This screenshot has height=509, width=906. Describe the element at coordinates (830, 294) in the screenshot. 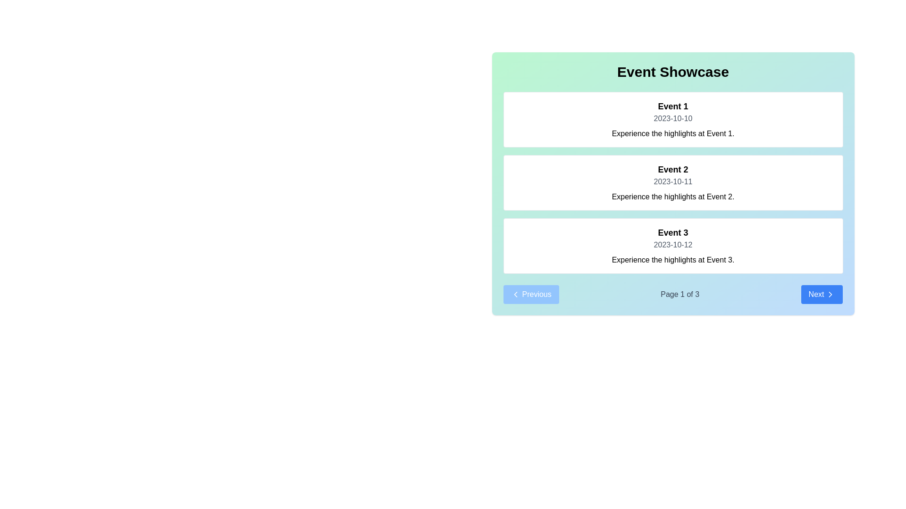

I see `the small chevron-right icon, which is styled as an arrow pointing to the right, located next to the 'Next' button to initiate navigation` at that location.